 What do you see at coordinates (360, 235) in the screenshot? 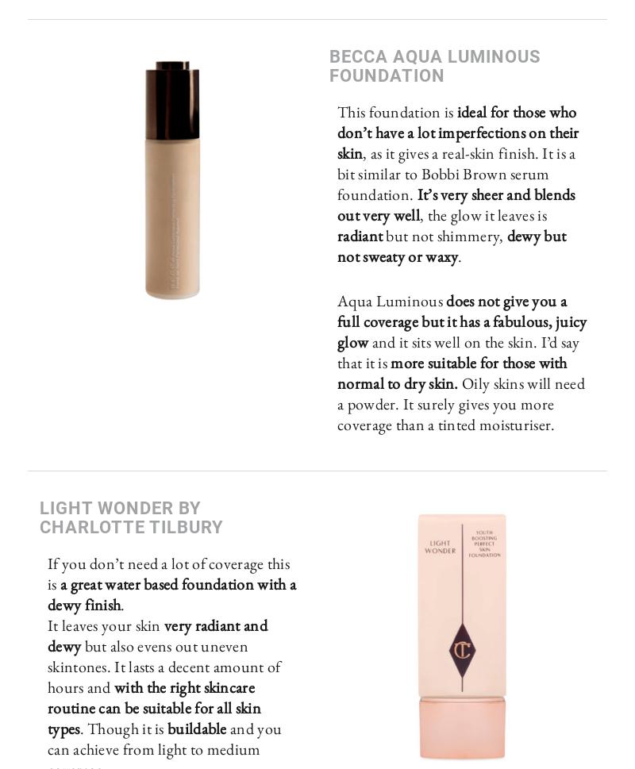
I see `'radiant'` at bounding box center [360, 235].